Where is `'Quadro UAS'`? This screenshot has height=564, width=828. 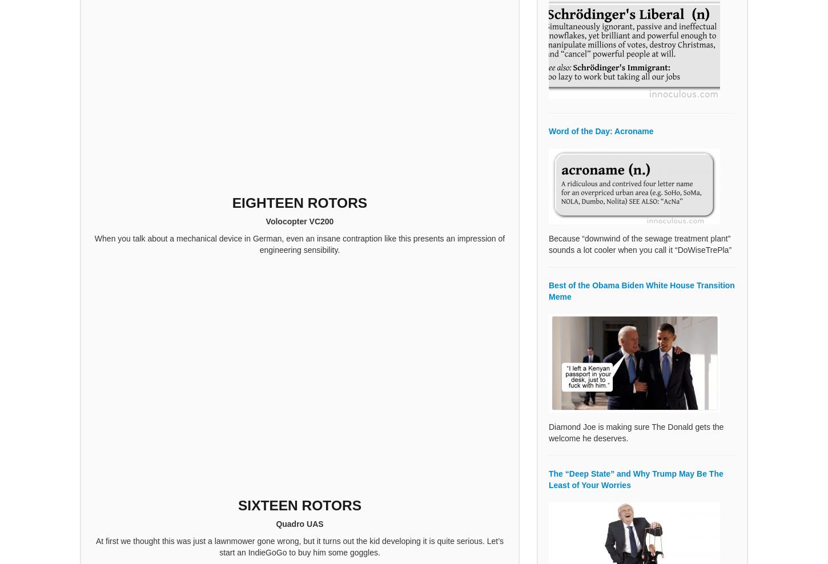
'Quadro UAS' is located at coordinates (299, 523).